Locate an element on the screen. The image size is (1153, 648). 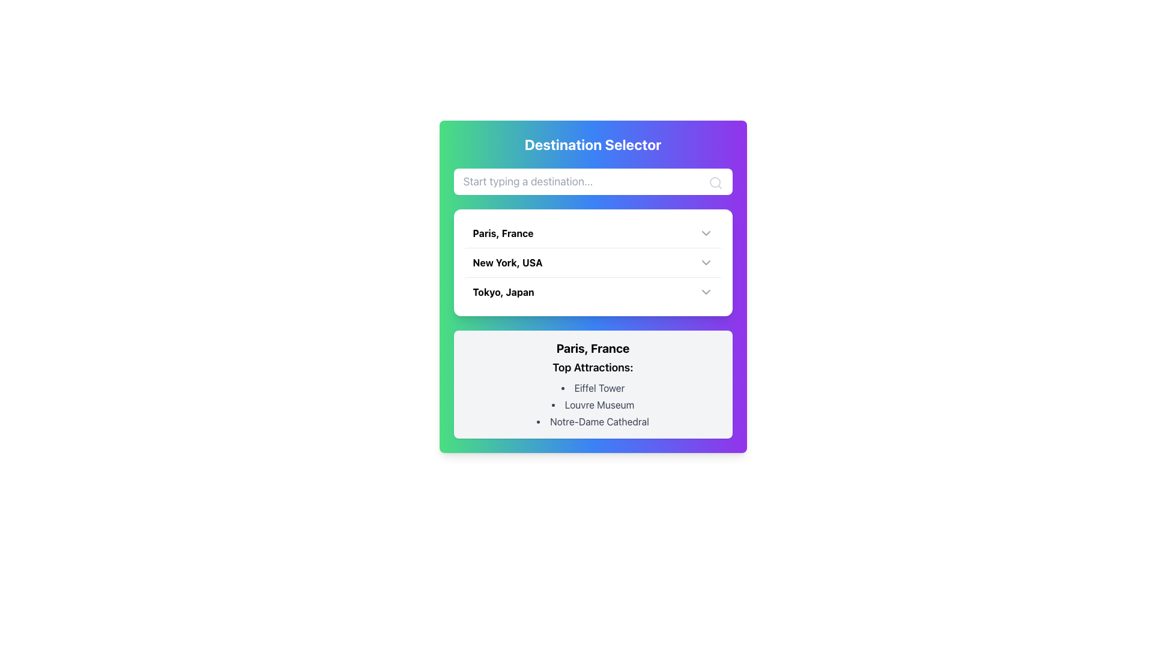
the search icon located at the far right inside the location input box is located at coordinates (715, 182).